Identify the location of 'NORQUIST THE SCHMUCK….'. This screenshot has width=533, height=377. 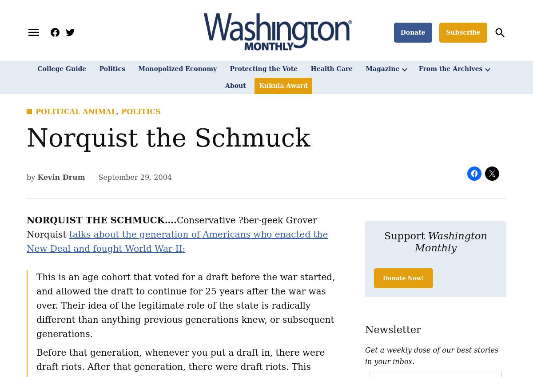
(101, 219).